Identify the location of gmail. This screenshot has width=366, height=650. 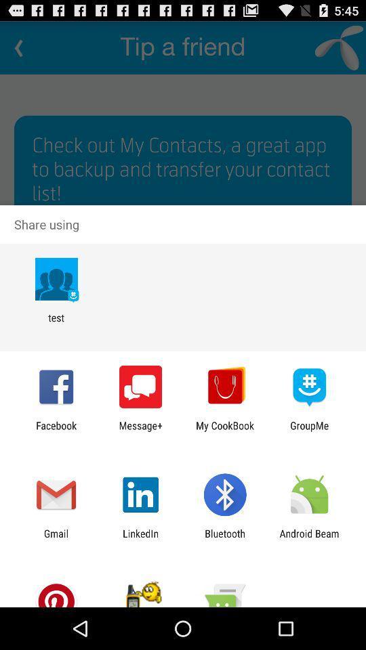
(56, 539).